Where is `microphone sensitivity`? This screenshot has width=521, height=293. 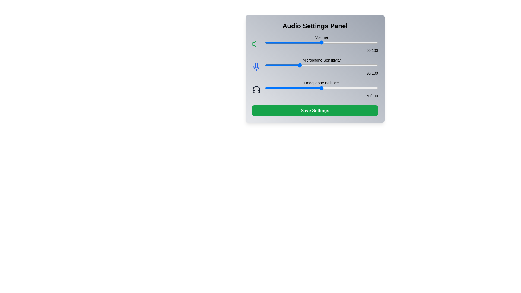
microphone sensitivity is located at coordinates (363, 65).